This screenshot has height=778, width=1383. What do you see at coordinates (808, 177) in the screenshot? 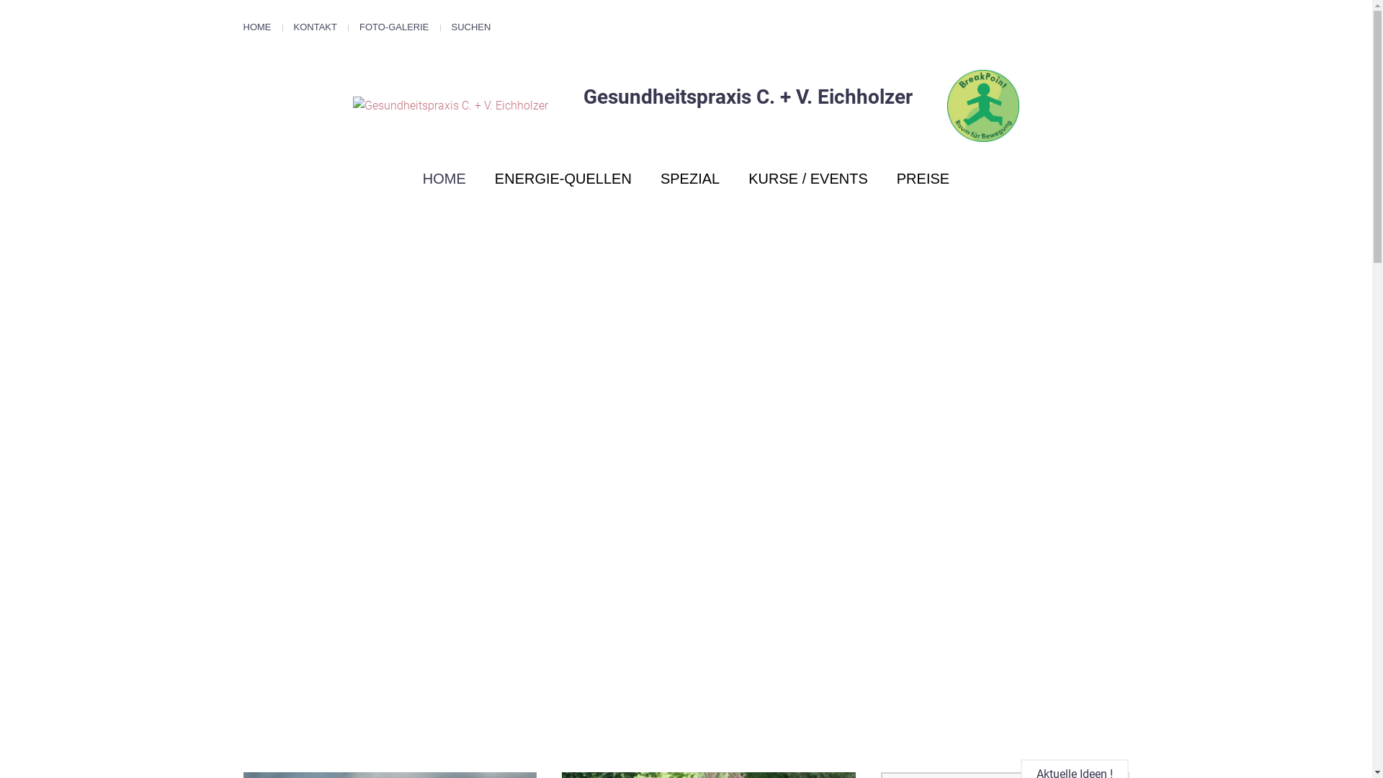
I see `'KURSE / EVENTS'` at bounding box center [808, 177].